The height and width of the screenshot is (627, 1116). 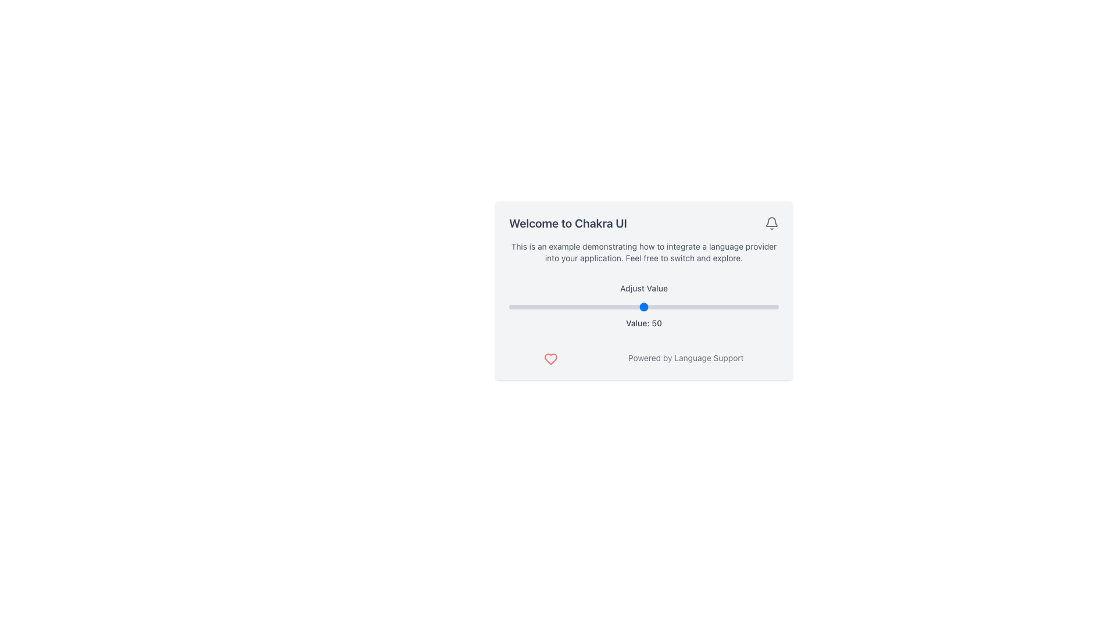 I want to click on the adjustment slider, so click(x=621, y=306).